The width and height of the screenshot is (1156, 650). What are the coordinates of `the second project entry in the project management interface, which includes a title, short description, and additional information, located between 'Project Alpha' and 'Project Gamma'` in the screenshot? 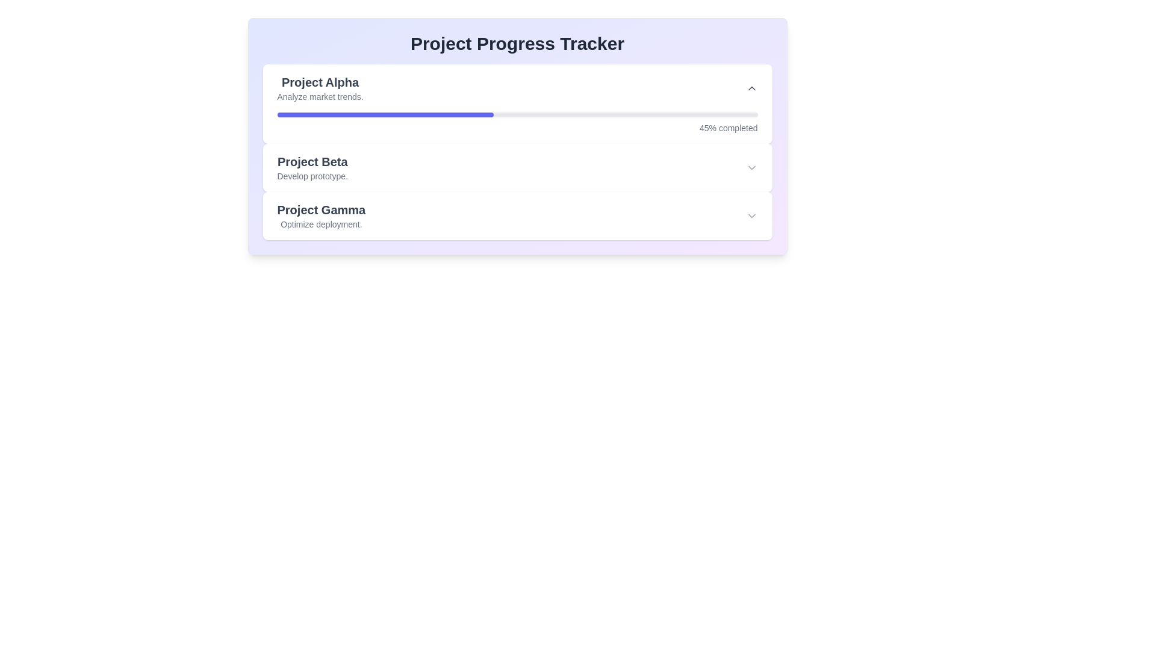 It's located at (517, 152).